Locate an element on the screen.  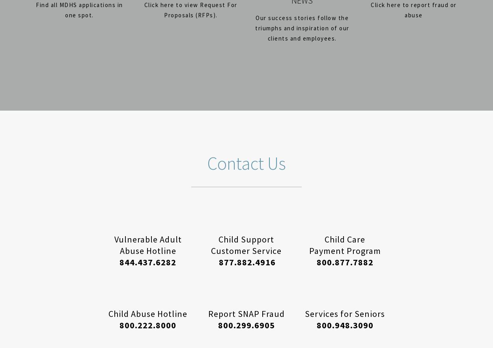
'800.222.8000' is located at coordinates (148, 325).